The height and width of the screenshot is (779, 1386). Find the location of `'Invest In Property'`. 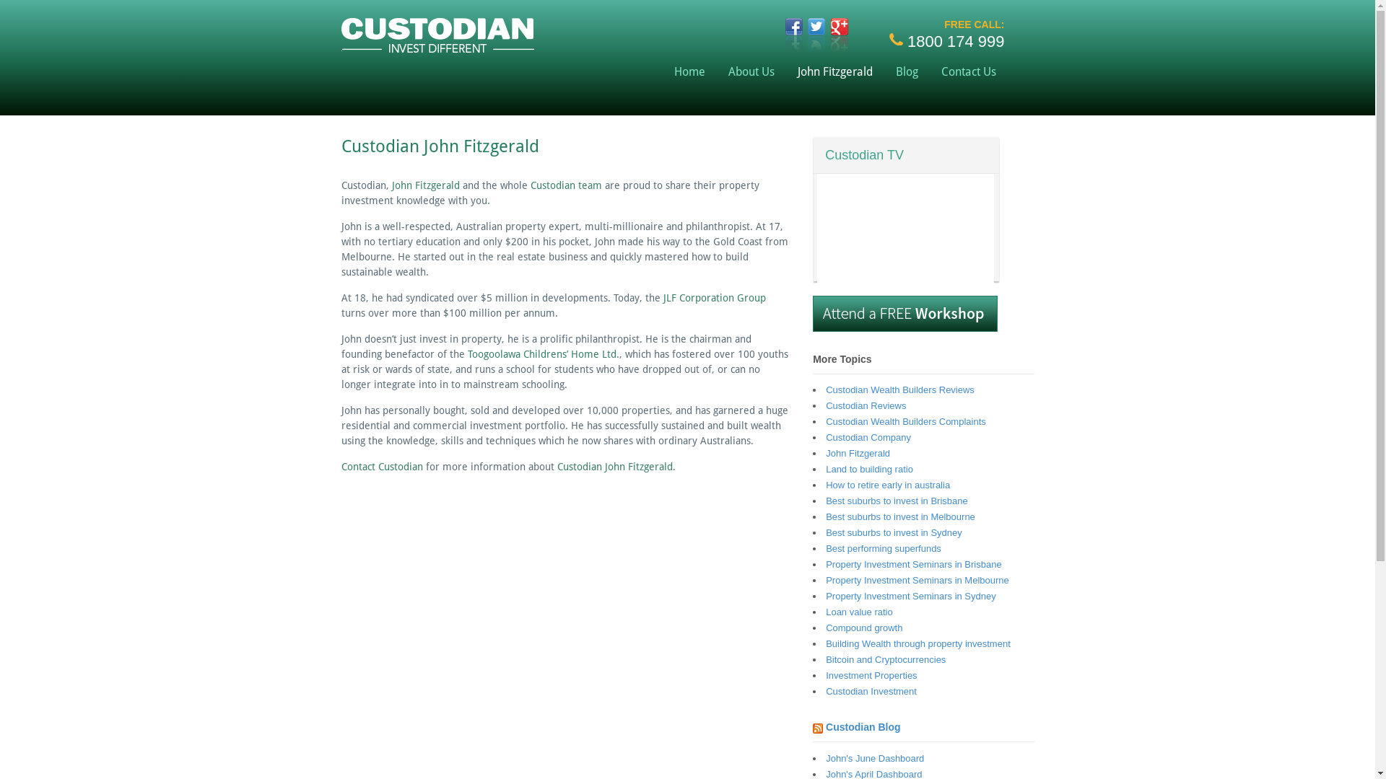

'Invest In Property' is located at coordinates (436, 45).